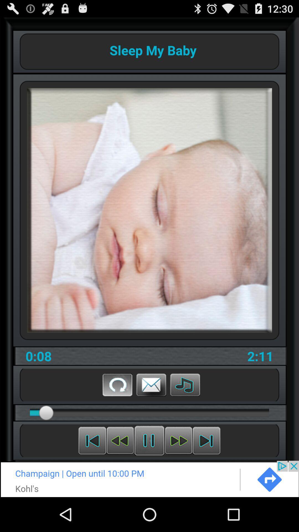  I want to click on lullaby loop, so click(117, 384).